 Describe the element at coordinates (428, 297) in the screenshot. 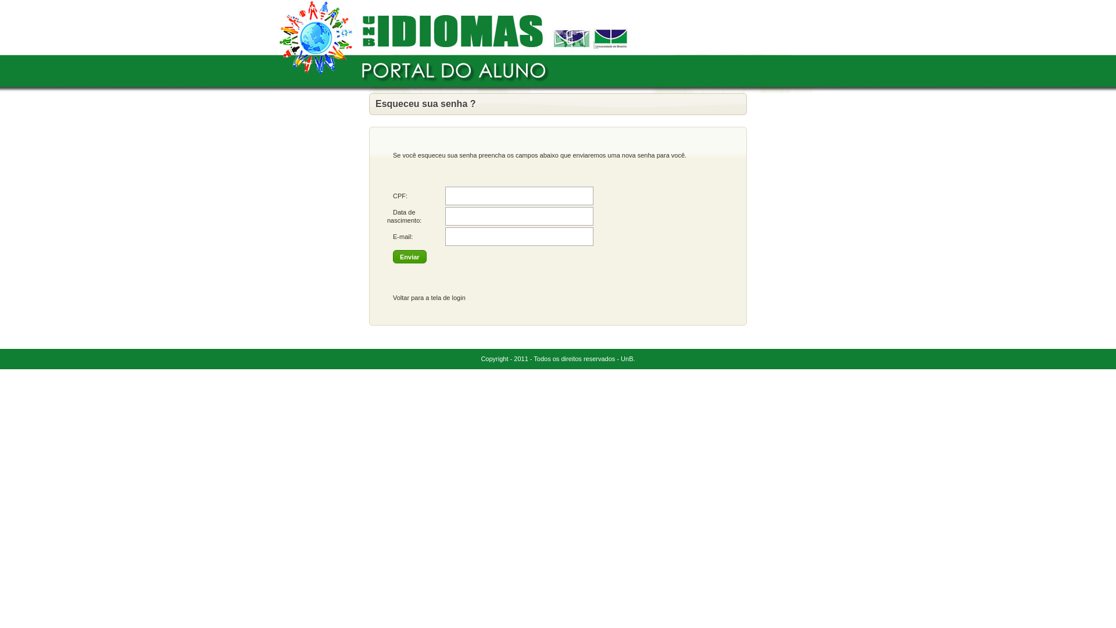

I see `'Voltar para a tela de login'` at that location.